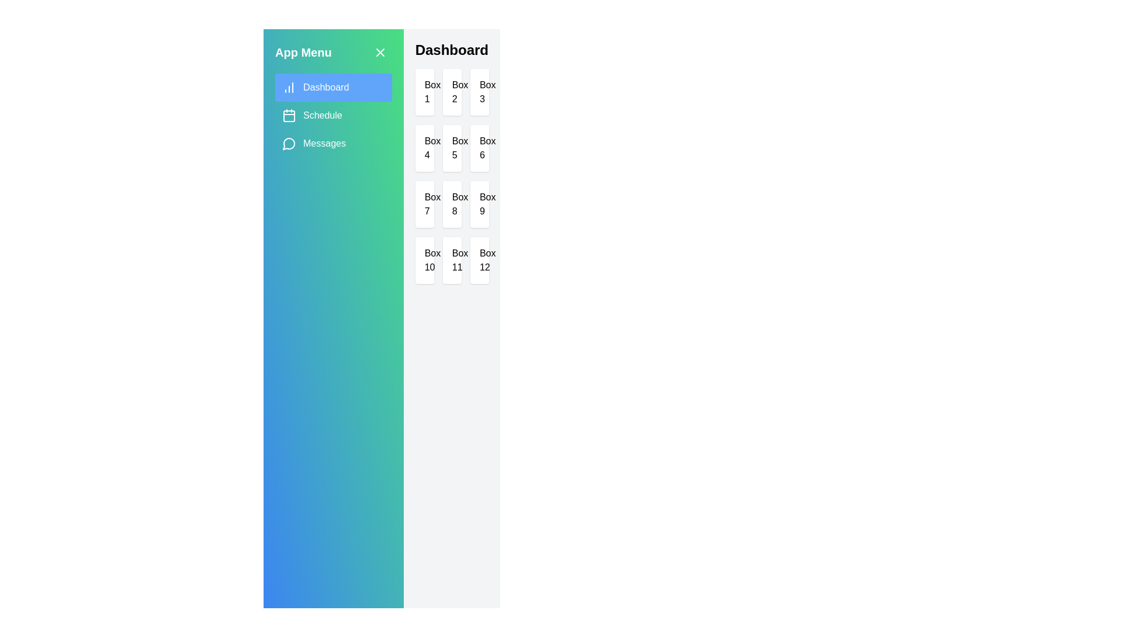 The width and height of the screenshot is (1122, 631). What do you see at coordinates (333, 143) in the screenshot?
I see `the Messages tab by clicking on its corresponding tab in the sidebar` at bounding box center [333, 143].